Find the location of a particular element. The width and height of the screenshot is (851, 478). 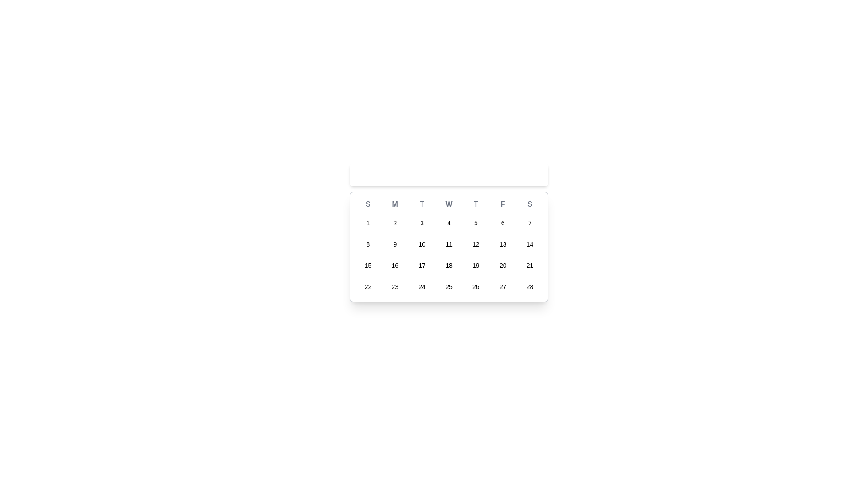

the header label for Thursday in the calendar grid, which is the fifth column header under the 'SMTWTFS' row is located at coordinates (475, 204).